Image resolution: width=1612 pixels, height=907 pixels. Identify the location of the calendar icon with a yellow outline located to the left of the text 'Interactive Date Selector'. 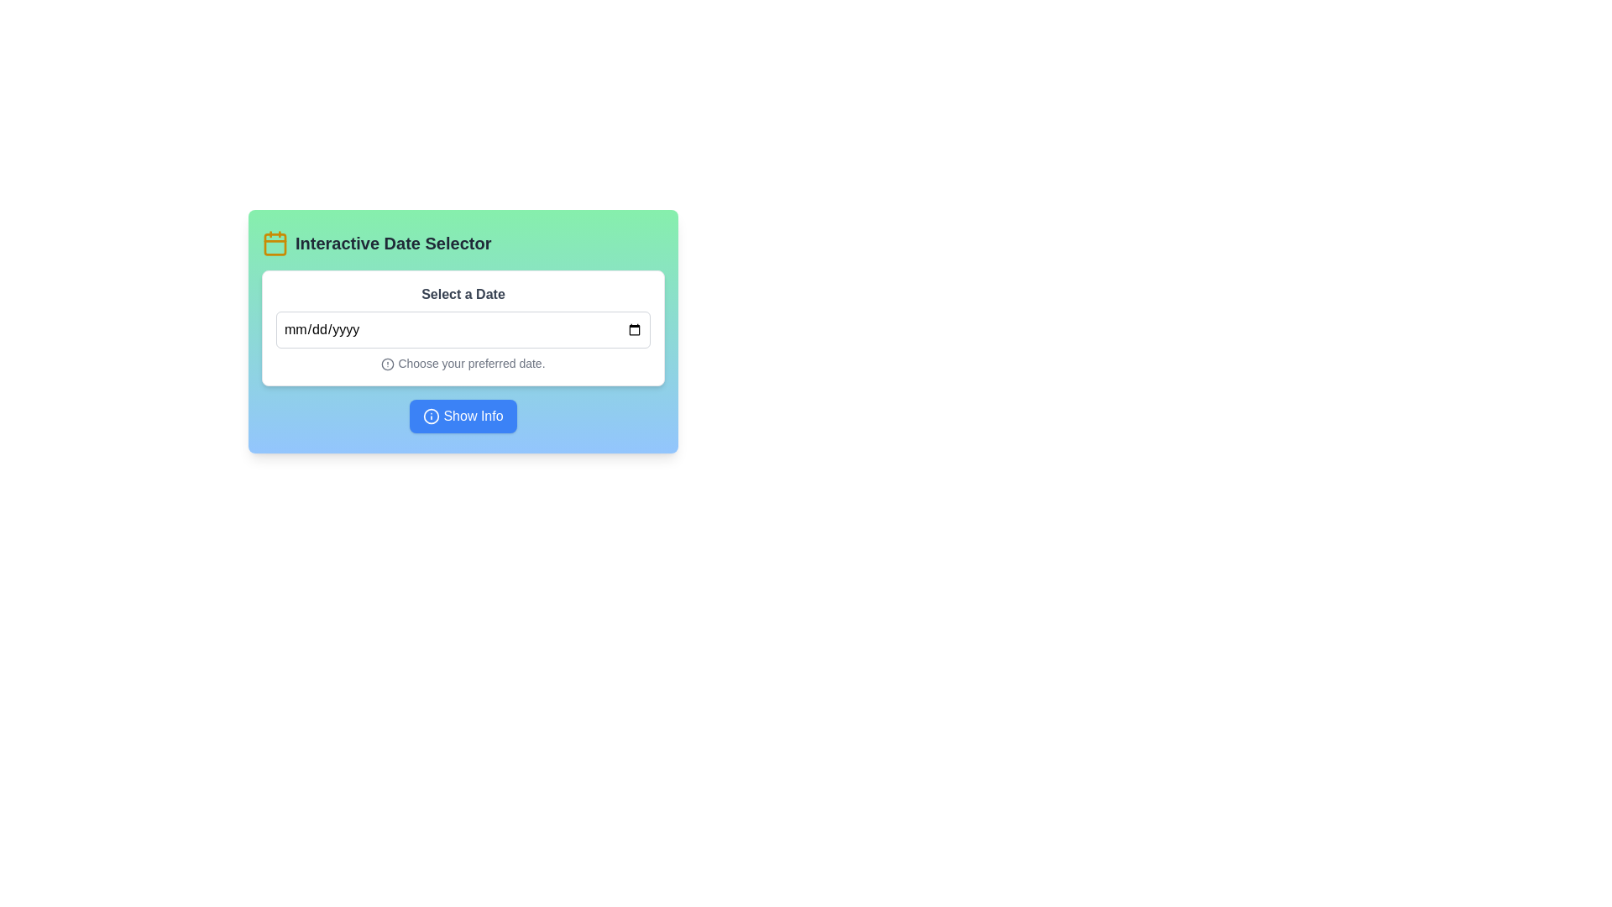
(275, 243).